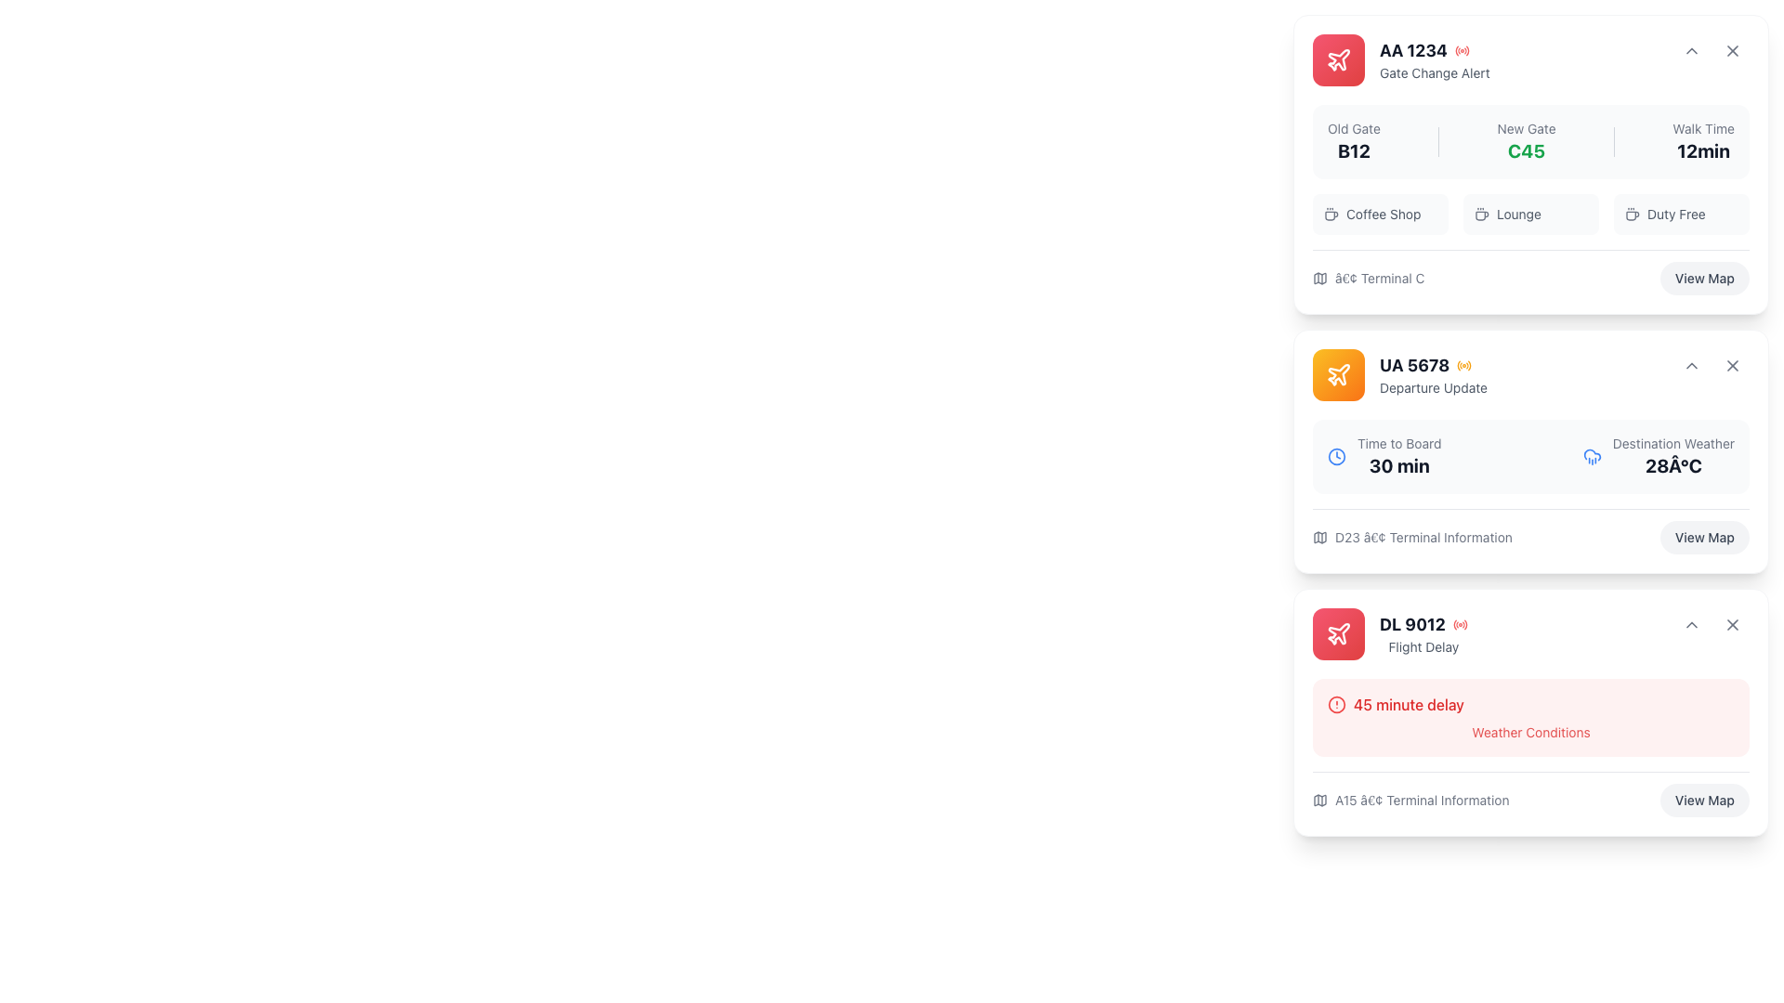  What do you see at coordinates (1381, 214) in the screenshot?
I see `the 'Coffee Shop' button-like label element, which features a coffee cup icon and gray text` at bounding box center [1381, 214].